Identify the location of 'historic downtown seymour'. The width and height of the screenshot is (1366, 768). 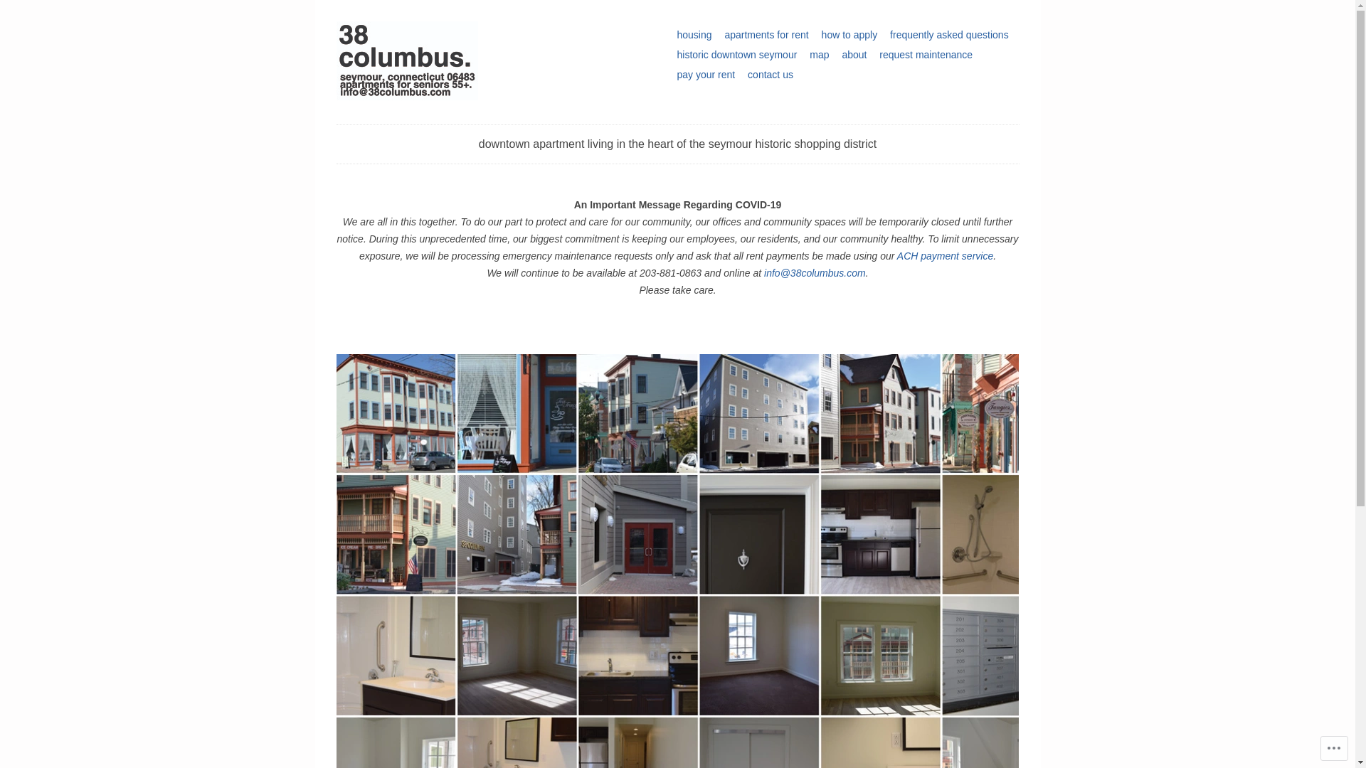
(671, 54).